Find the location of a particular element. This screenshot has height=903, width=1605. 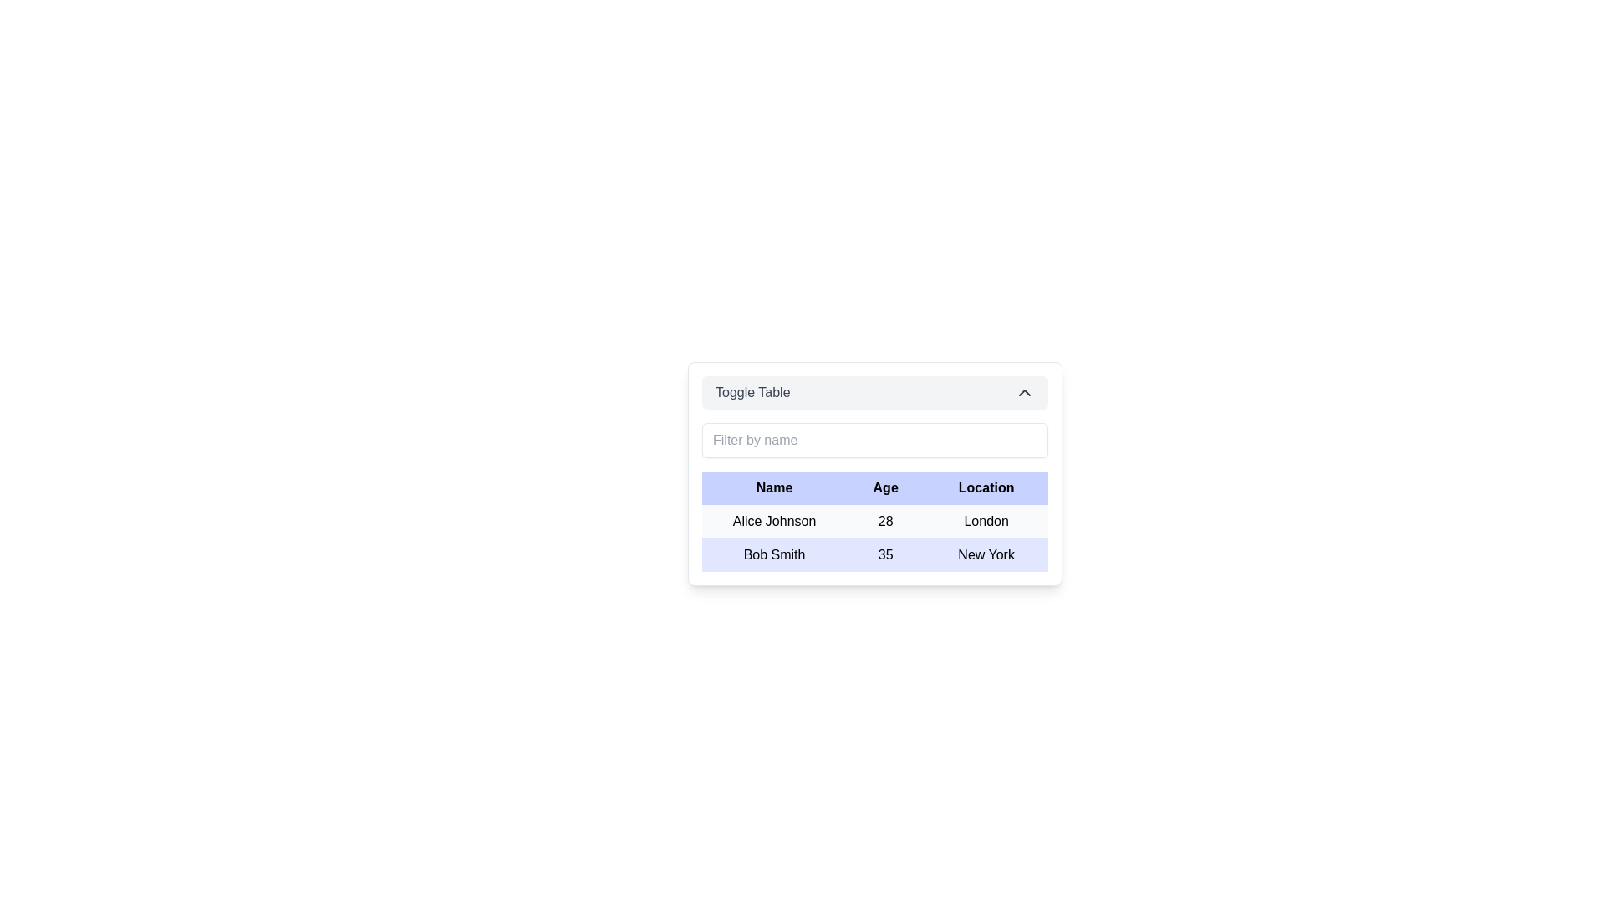

the table header row that contains the categorical labels 'Name', 'Age', and 'Location', which is the first row of the table positioned below the input field is located at coordinates (874, 487).